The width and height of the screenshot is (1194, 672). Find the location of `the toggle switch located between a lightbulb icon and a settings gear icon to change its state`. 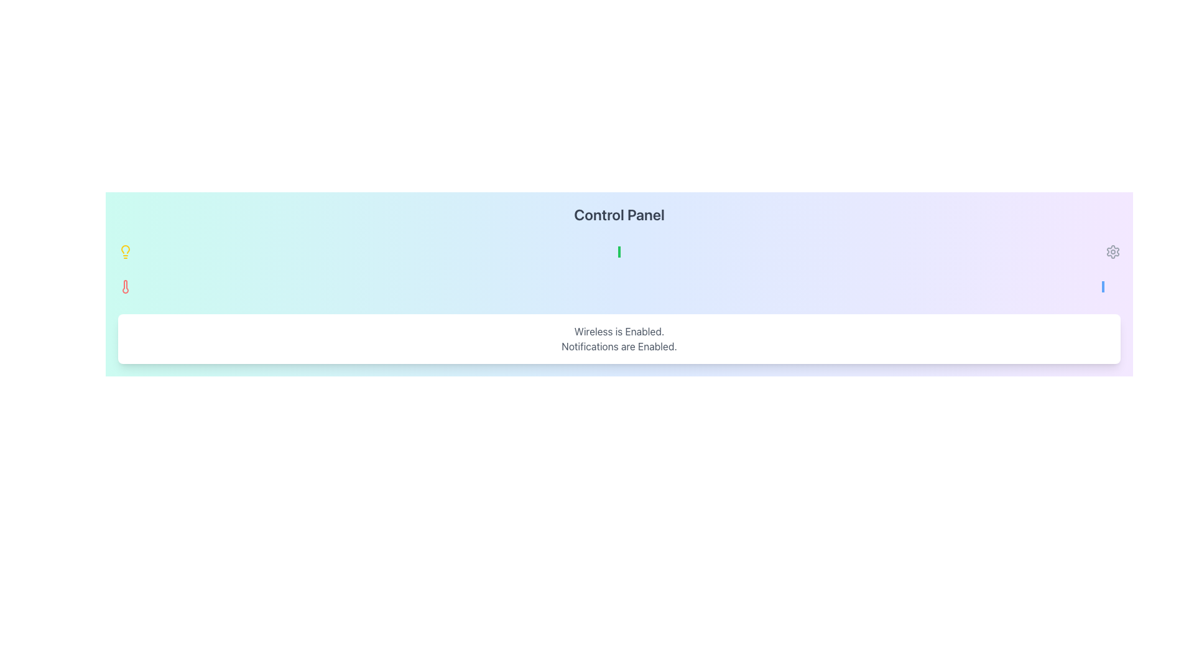

the toggle switch located between a lightbulb icon and a settings gear icon to change its state is located at coordinates (619, 252).